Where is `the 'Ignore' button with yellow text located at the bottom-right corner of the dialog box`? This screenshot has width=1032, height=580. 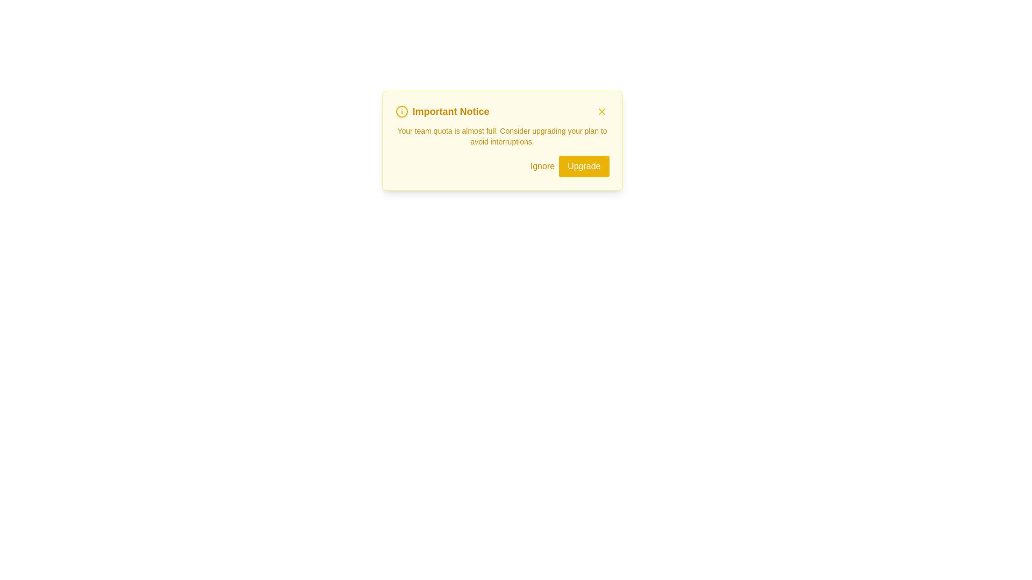 the 'Ignore' button with yellow text located at the bottom-right corner of the dialog box is located at coordinates (542, 166).